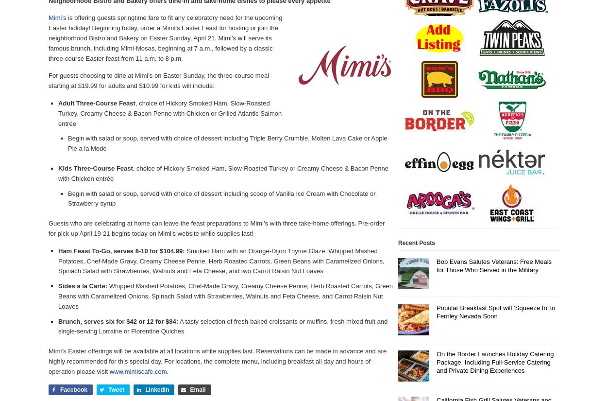  What do you see at coordinates (167, 370) in the screenshot?
I see `'.'` at bounding box center [167, 370].